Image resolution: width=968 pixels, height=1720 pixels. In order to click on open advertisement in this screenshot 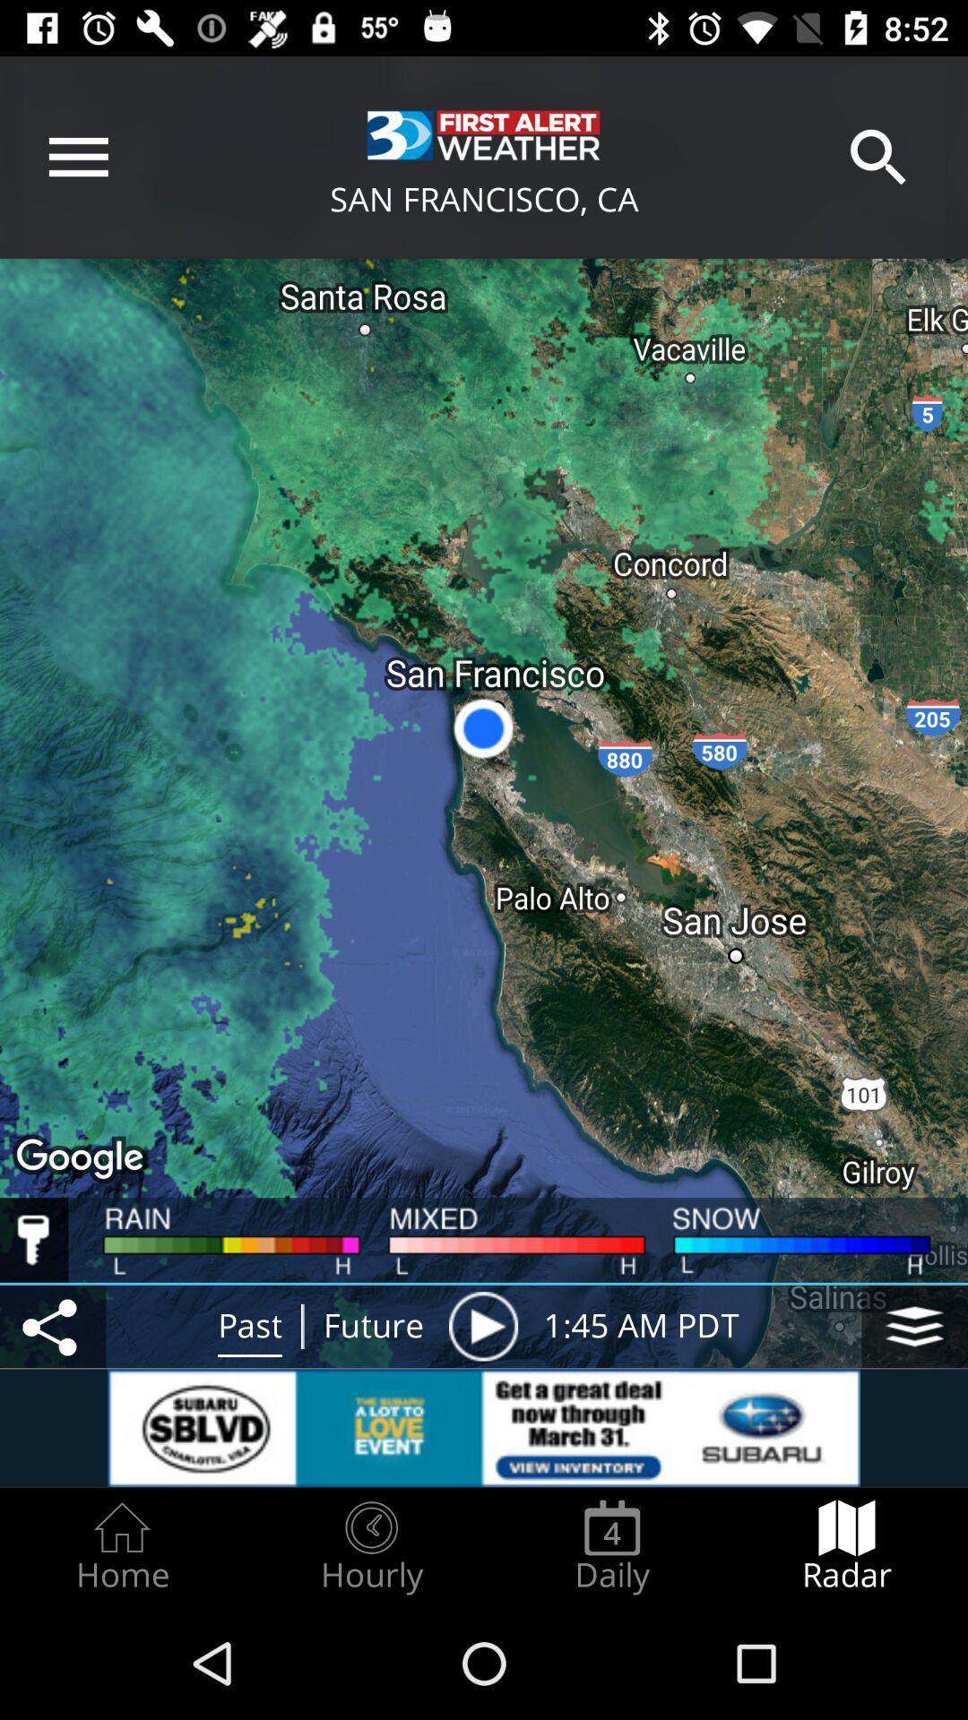, I will do `click(484, 1427)`.